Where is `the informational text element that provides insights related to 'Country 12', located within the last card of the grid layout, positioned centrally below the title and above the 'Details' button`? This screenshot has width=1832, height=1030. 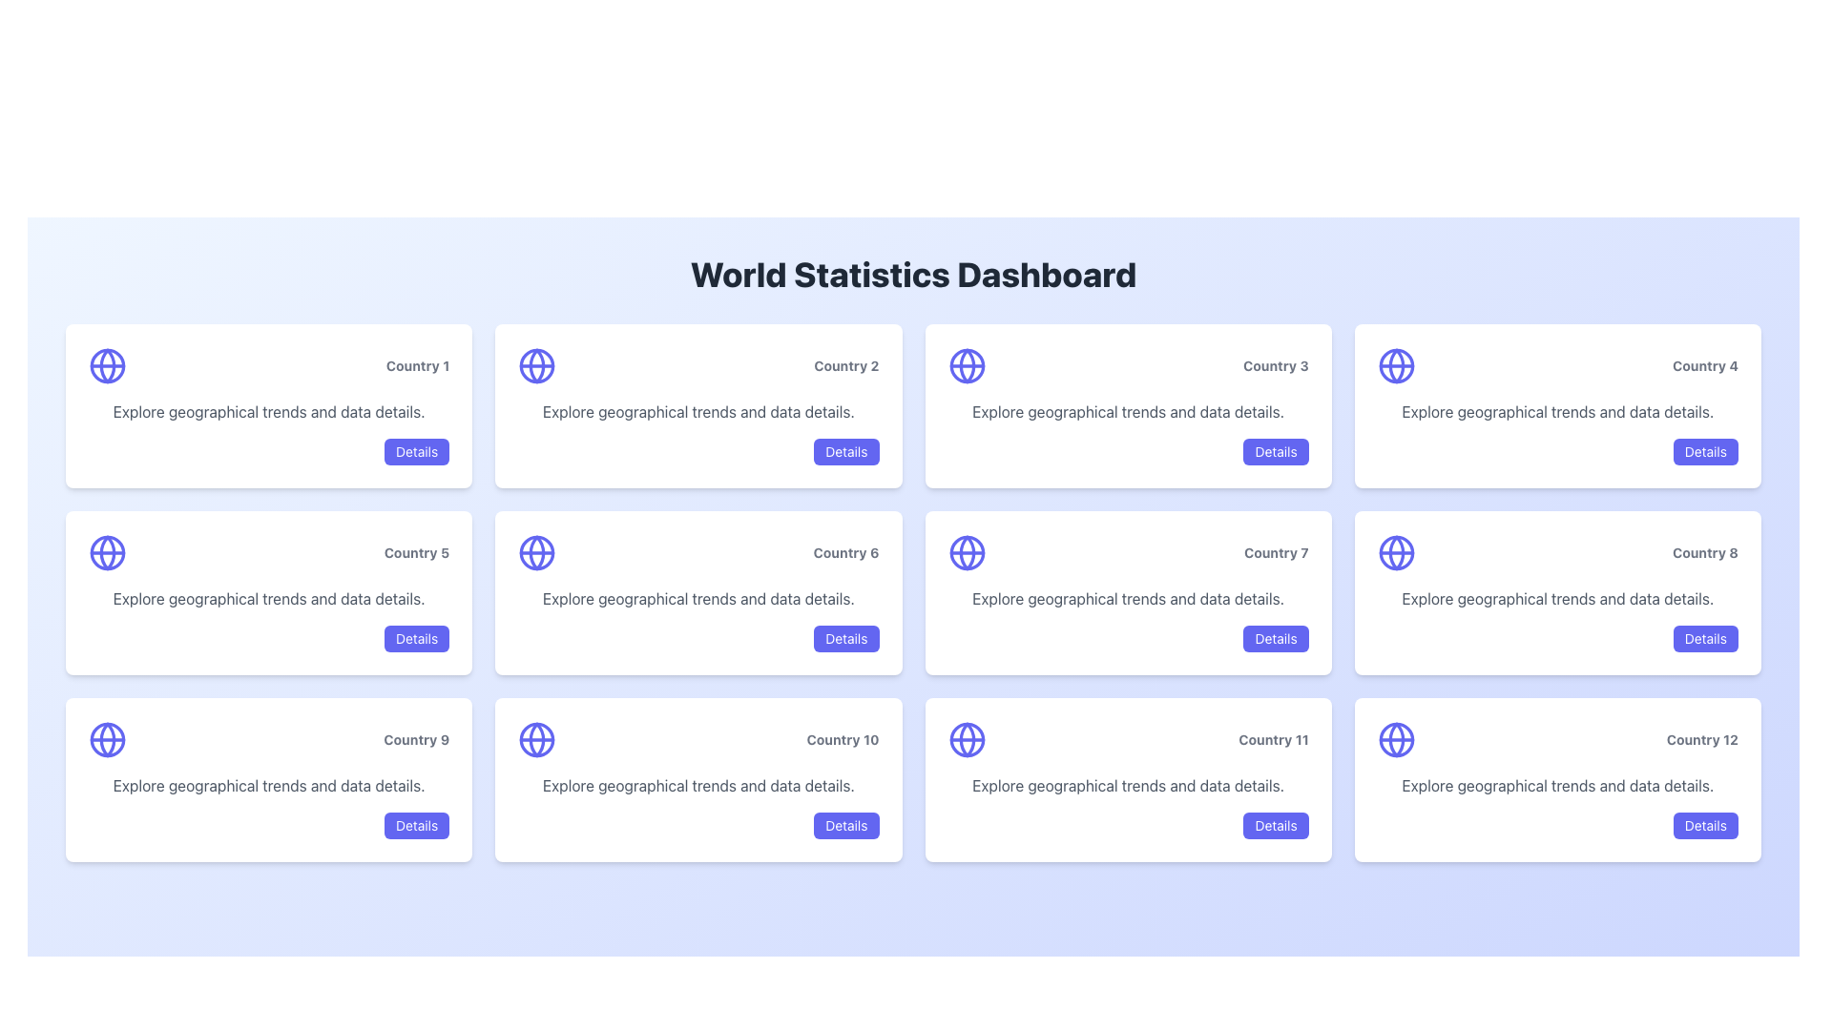 the informational text element that provides insights related to 'Country 12', located within the last card of the grid layout, positioned centrally below the title and above the 'Details' button is located at coordinates (1557, 786).